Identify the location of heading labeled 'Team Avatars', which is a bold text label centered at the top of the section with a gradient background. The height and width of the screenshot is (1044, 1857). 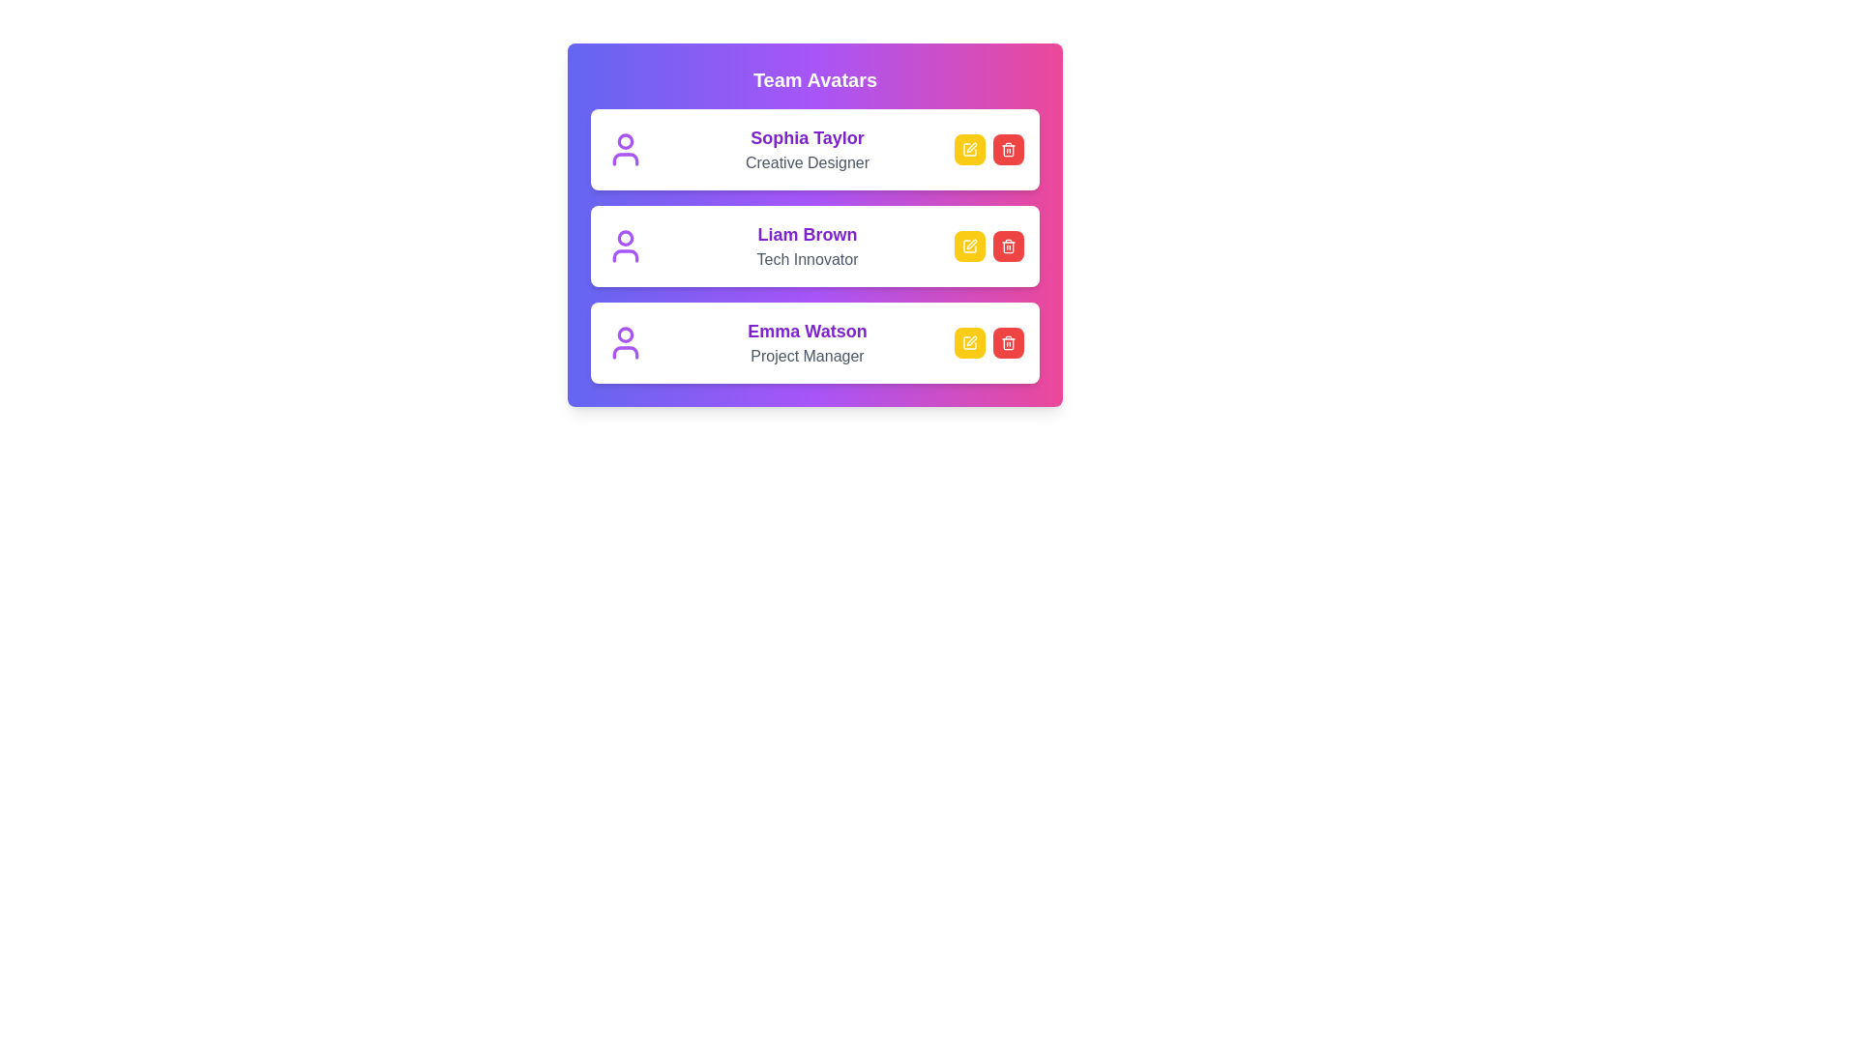
(815, 79).